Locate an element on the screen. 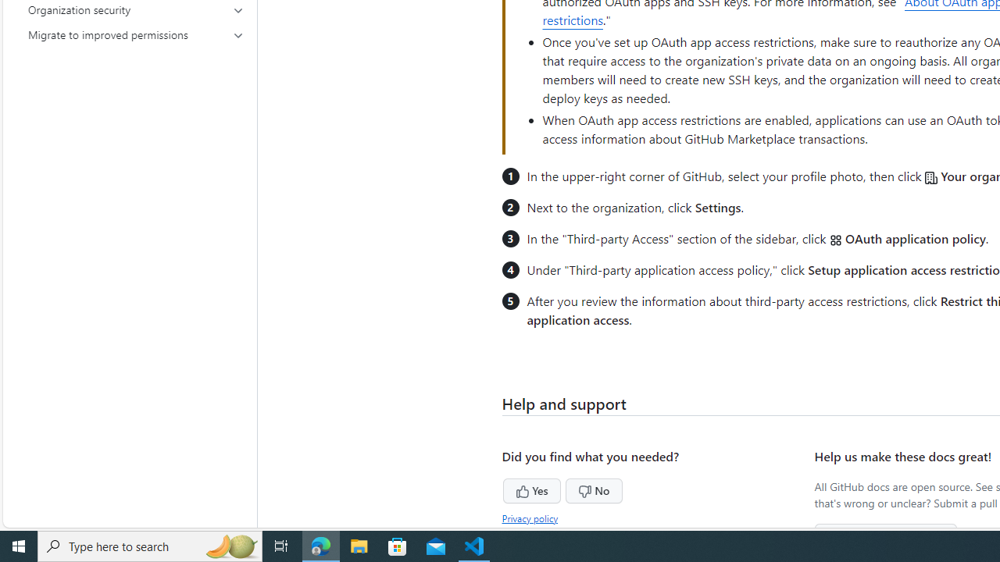 The width and height of the screenshot is (1000, 562). 'Make a contribution' is located at coordinates (886, 535).